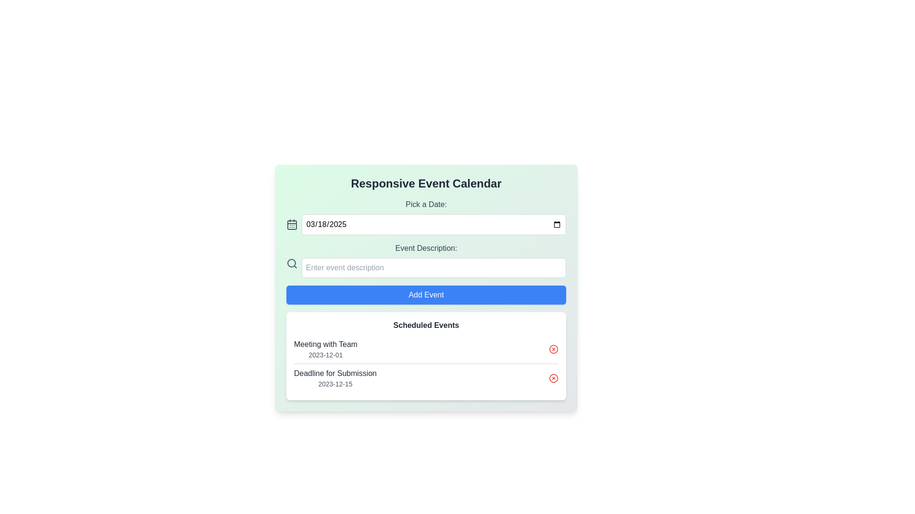 The image size is (915, 514). I want to click on the text input field labeled 'Event Description:' to focus on it, so click(426, 260).